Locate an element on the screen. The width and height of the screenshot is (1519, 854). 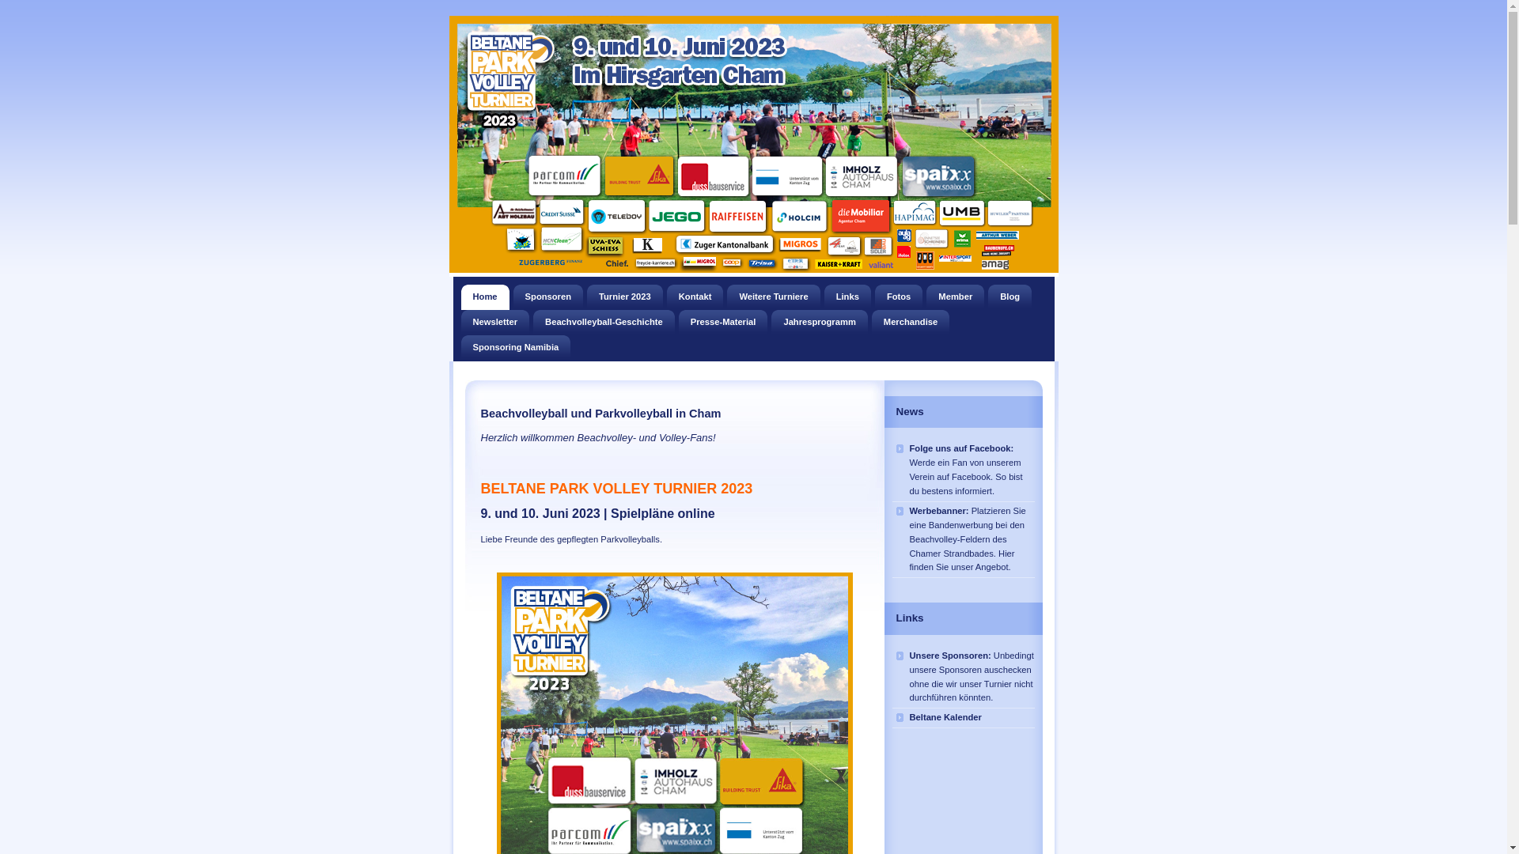
'Beachvolleyball-Geschichte is located at coordinates (603, 322).